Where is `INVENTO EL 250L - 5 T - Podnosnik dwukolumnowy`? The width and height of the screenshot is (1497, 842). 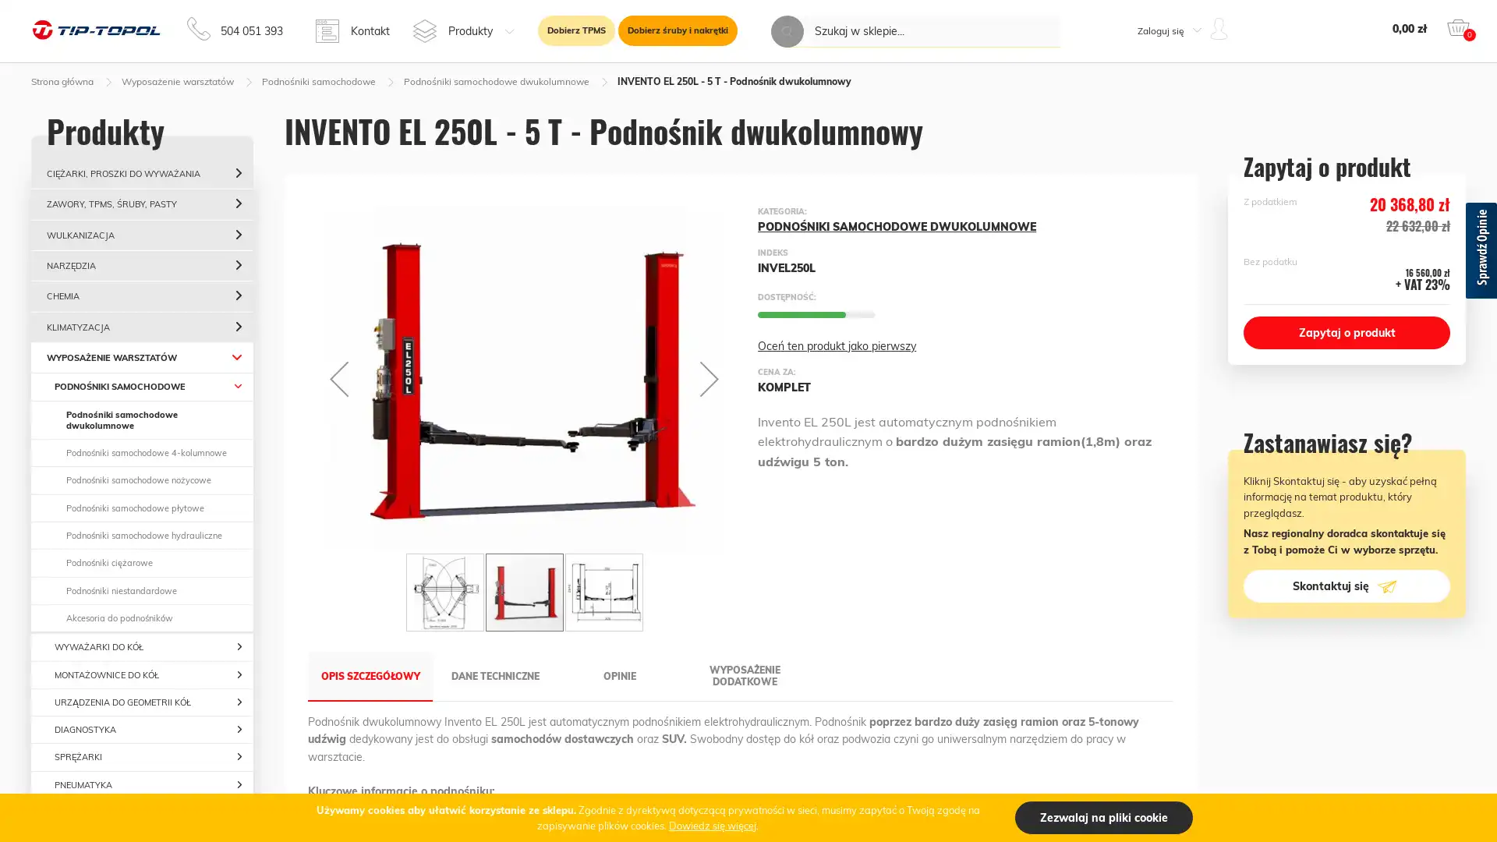 INVENTO EL 250L - 5 T - Podnosnik dwukolumnowy is located at coordinates (524, 592).